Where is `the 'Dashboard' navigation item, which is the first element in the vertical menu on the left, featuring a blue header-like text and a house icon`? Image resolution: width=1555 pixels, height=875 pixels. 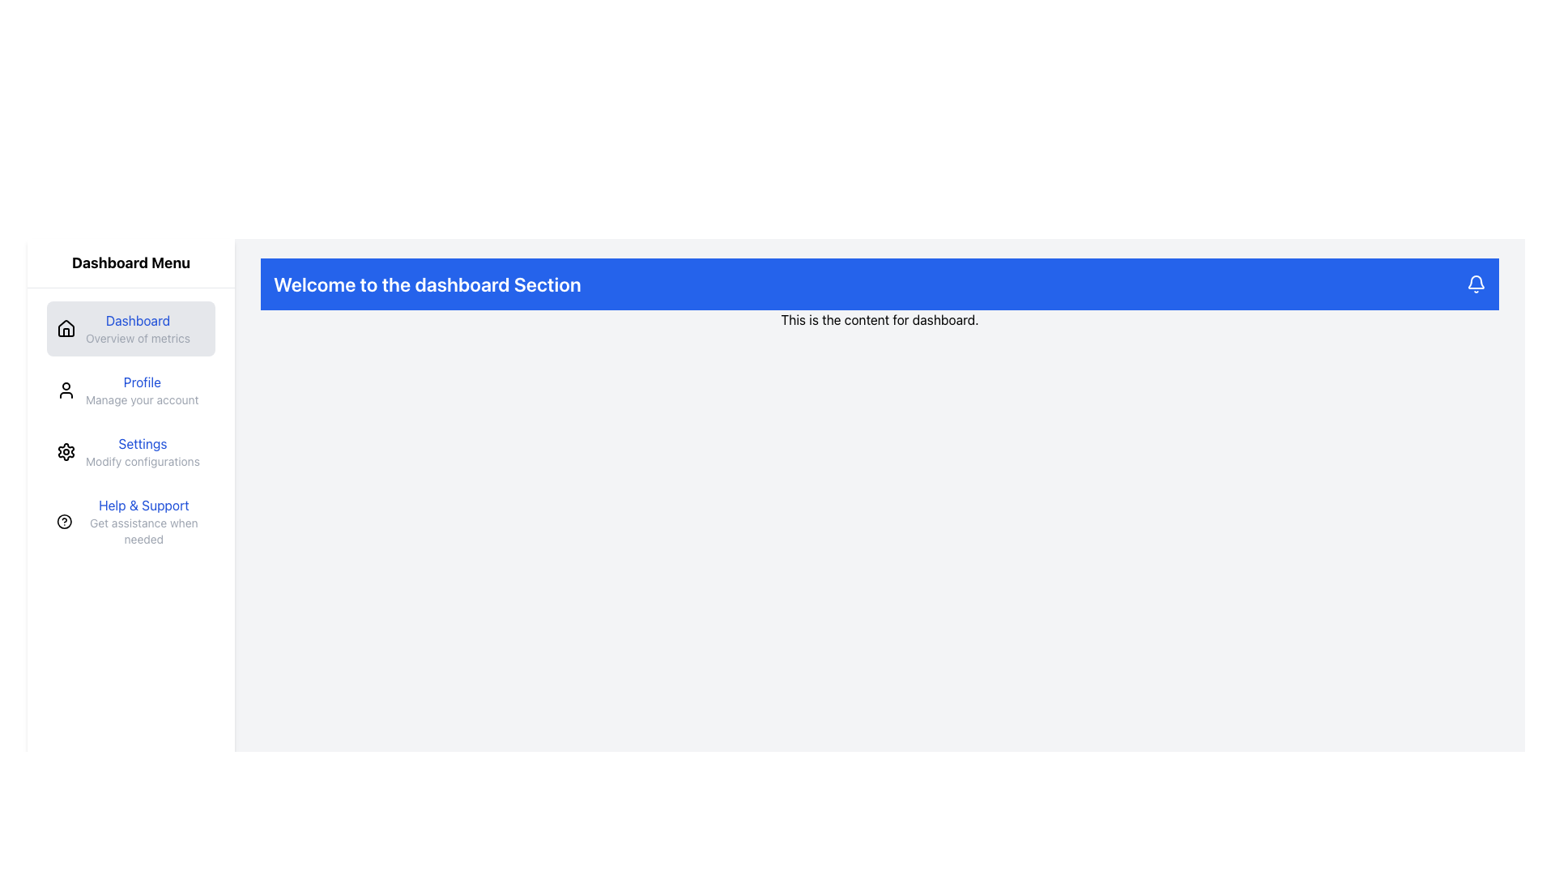 the 'Dashboard' navigation item, which is the first element in the vertical menu on the left, featuring a blue header-like text and a house icon is located at coordinates (131, 328).